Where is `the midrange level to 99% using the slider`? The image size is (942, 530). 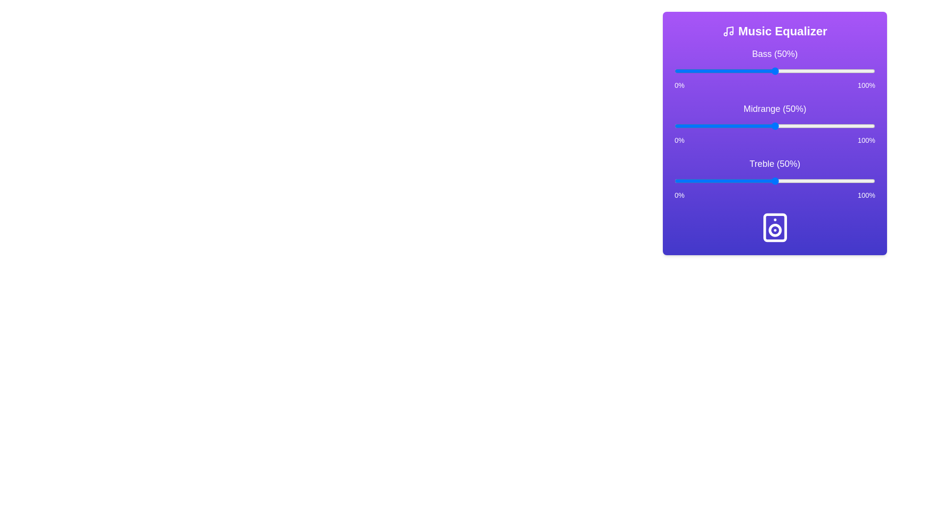 the midrange level to 99% using the slider is located at coordinates (873, 126).